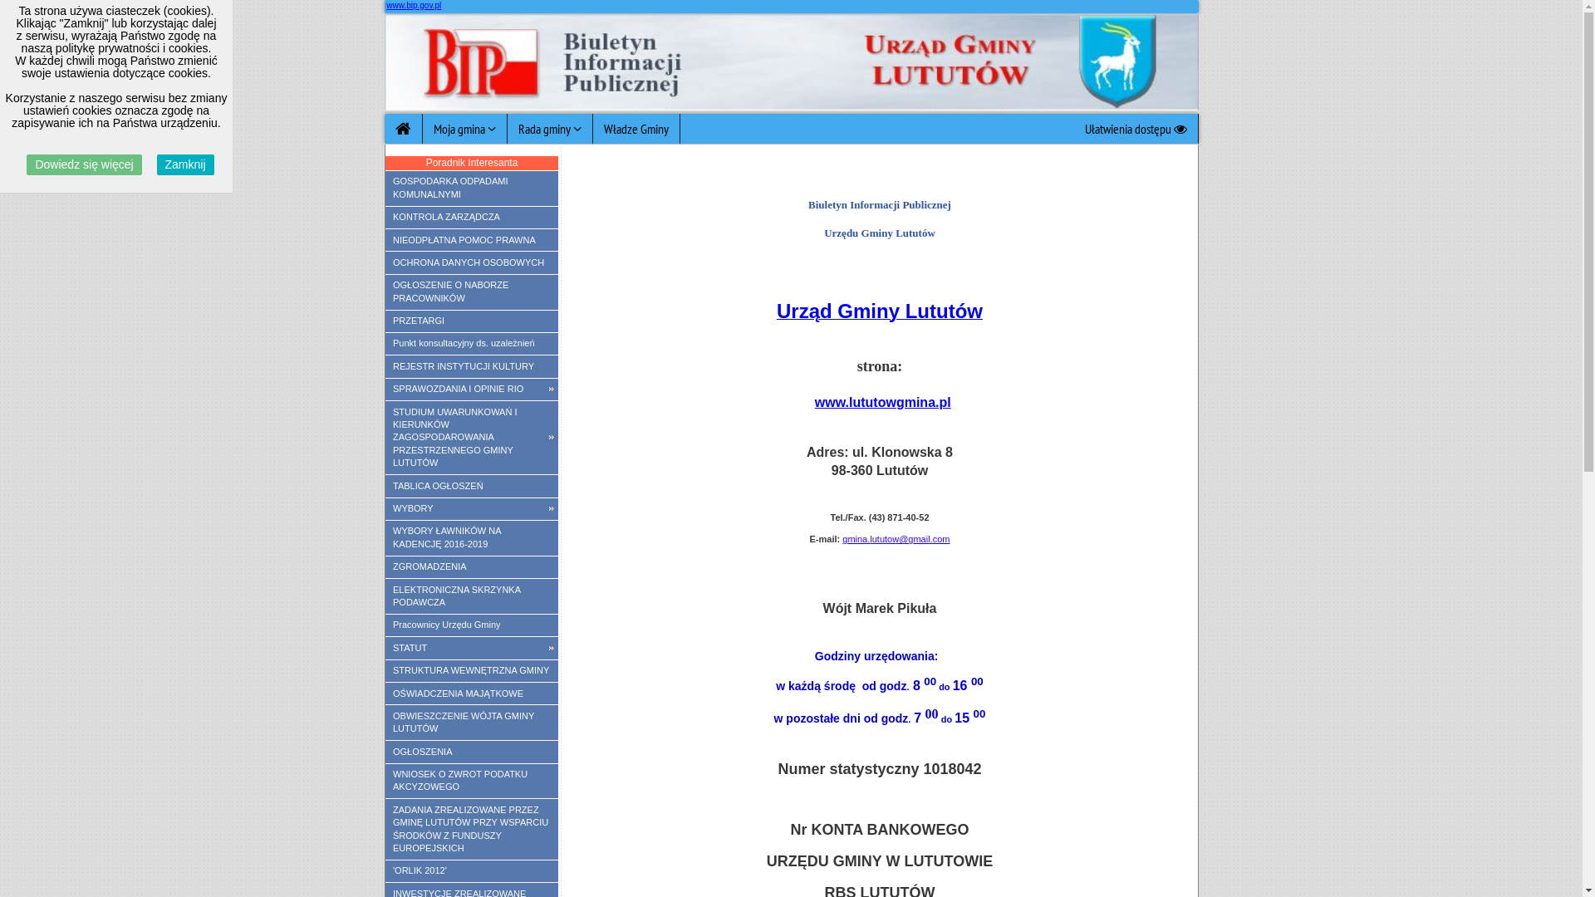 The height and width of the screenshot is (897, 1595). Describe the element at coordinates (470, 595) in the screenshot. I see `'ELEKTRONICZNA SKRZYNKA PODAWCZA'` at that location.